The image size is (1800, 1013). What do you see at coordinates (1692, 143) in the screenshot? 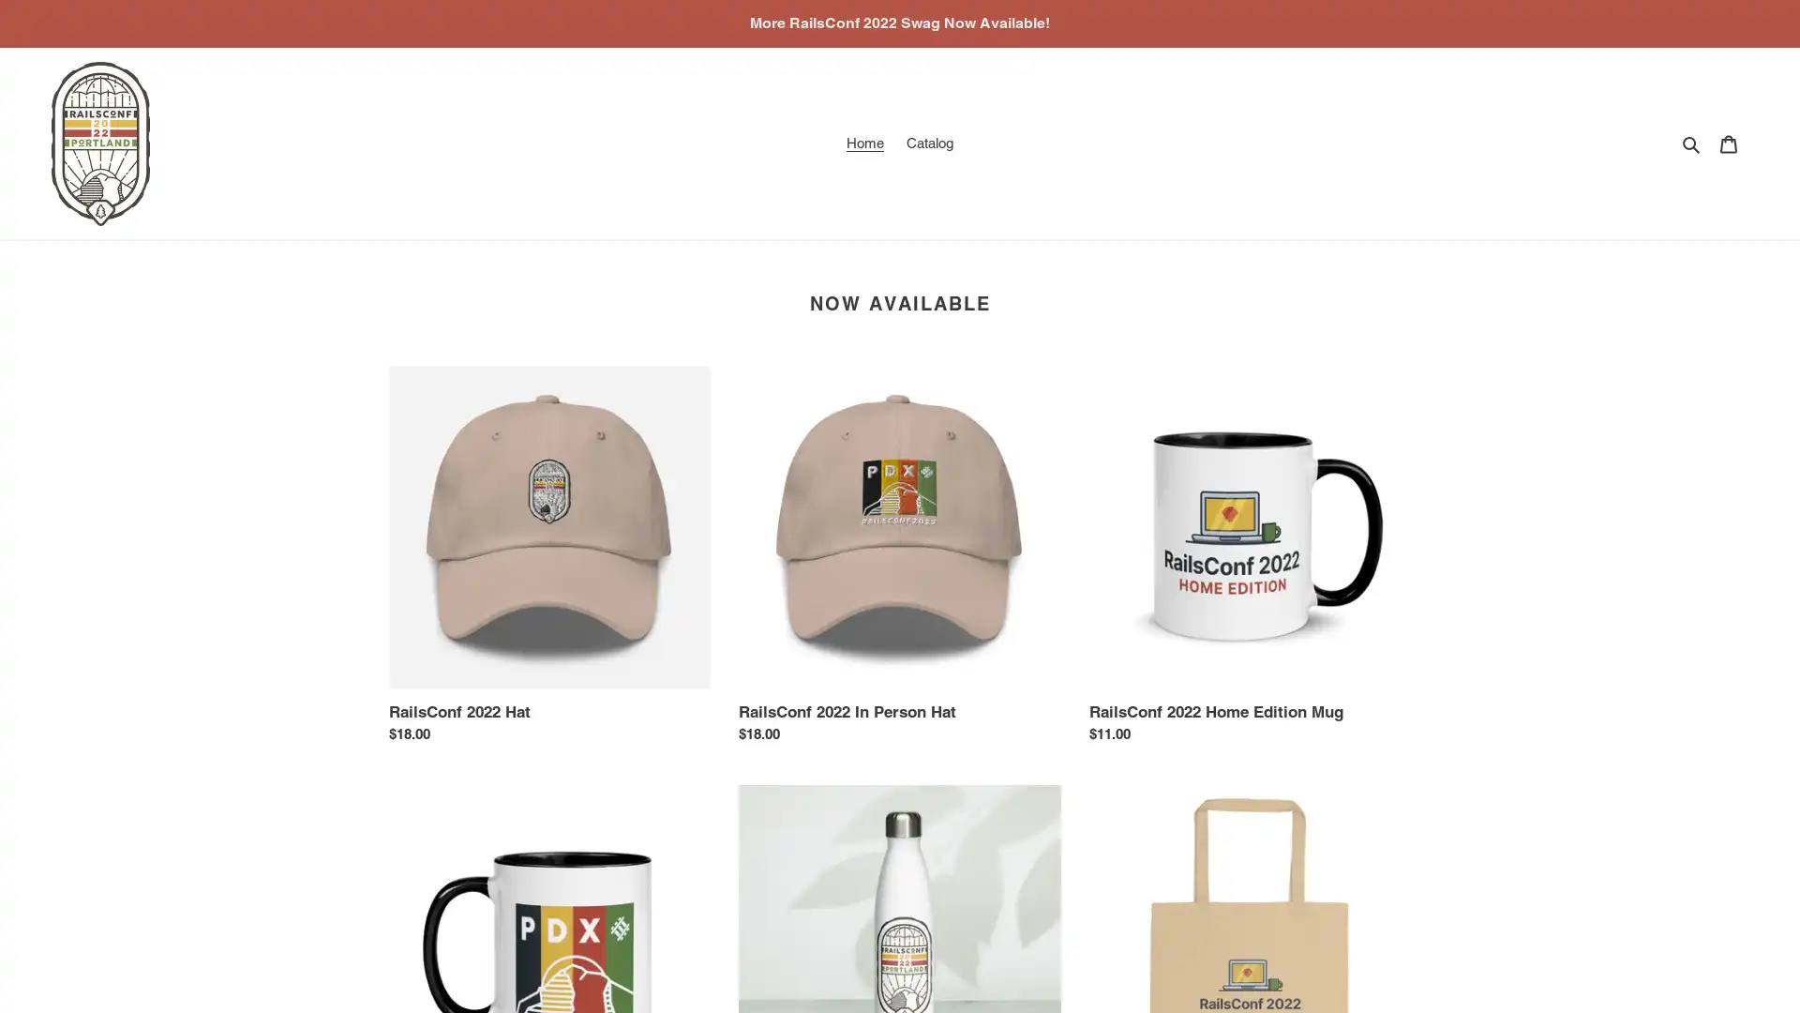
I see `Search` at bounding box center [1692, 143].